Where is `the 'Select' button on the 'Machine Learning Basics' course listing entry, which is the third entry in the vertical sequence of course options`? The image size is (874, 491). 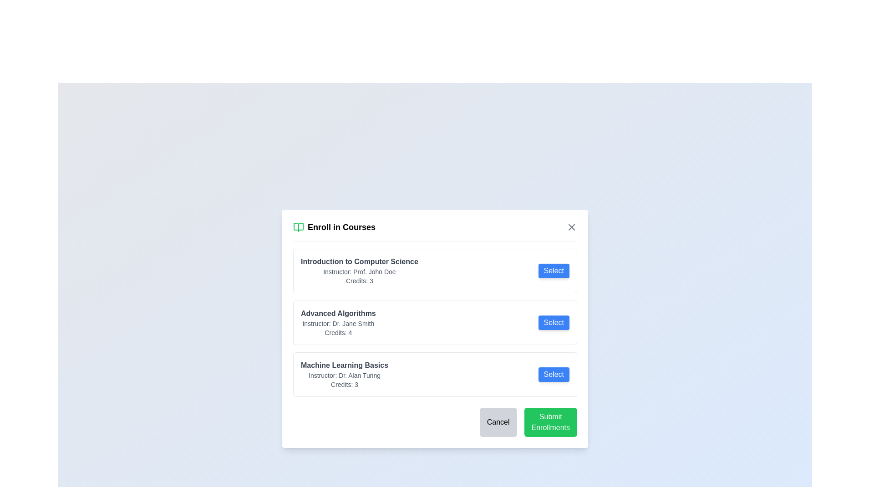 the 'Select' button on the 'Machine Learning Basics' course listing entry, which is the third entry in the vertical sequence of course options is located at coordinates (434, 374).